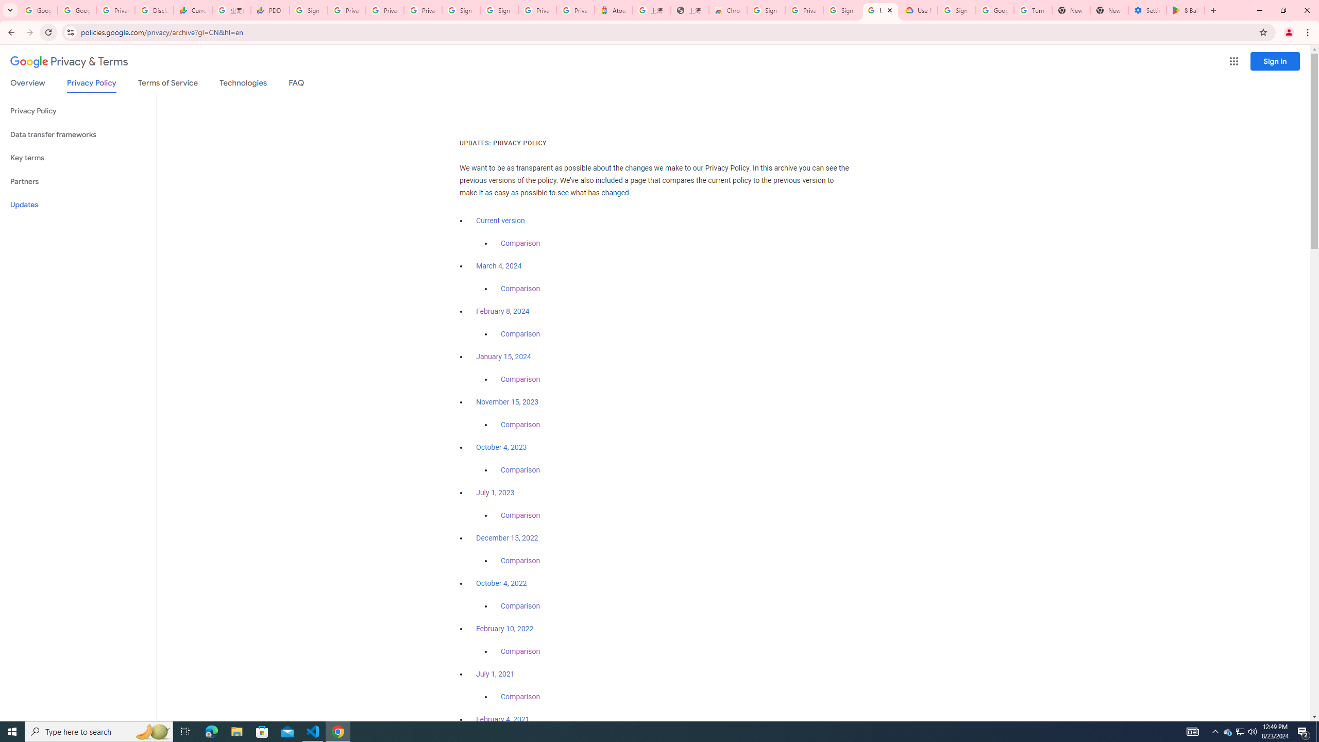 The image size is (1319, 742). Describe the element at coordinates (384, 10) in the screenshot. I see `'Privacy Checkup'` at that location.